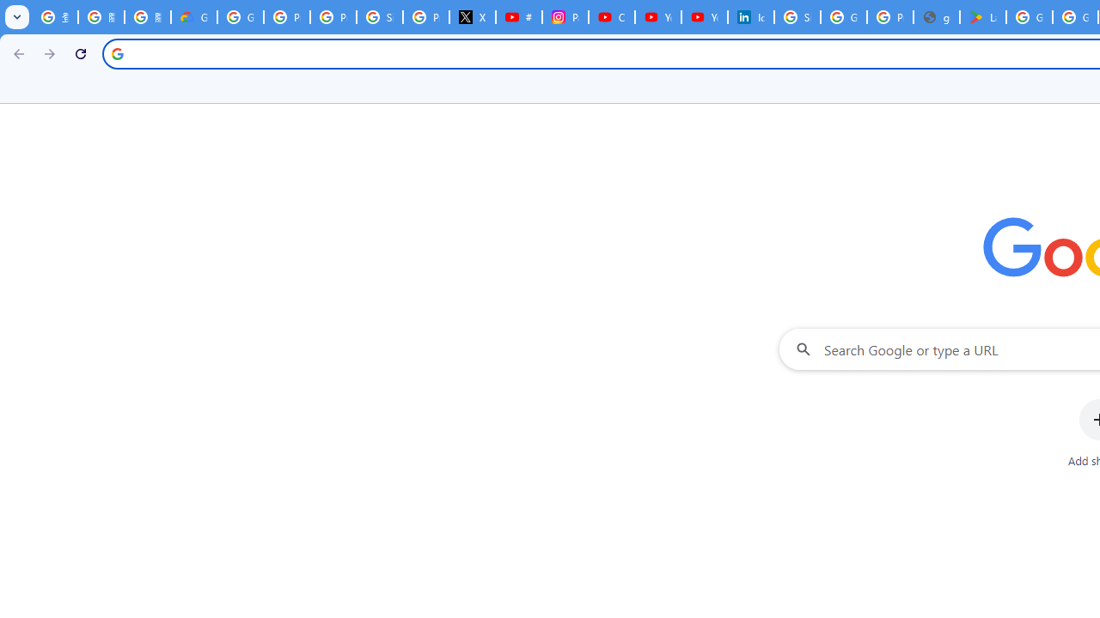 The height and width of the screenshot is (618, 1100). I want to click on 'Privacy Help Center - Policies Help', so click(333, 17).